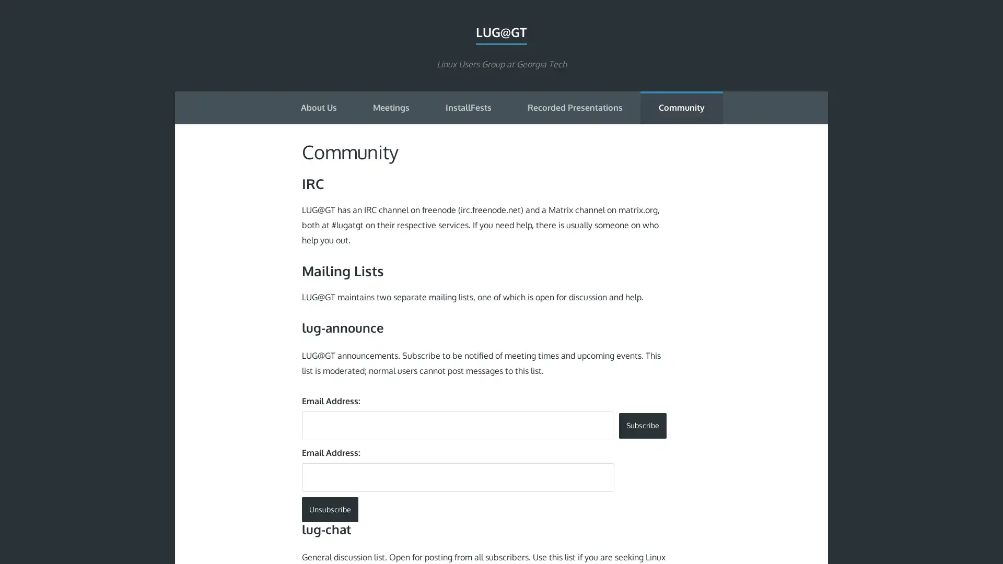 The image size is (1003, 564). Describe the element at coordinates (642, 426) in the screenshot. I see `Subscribe` at that location.